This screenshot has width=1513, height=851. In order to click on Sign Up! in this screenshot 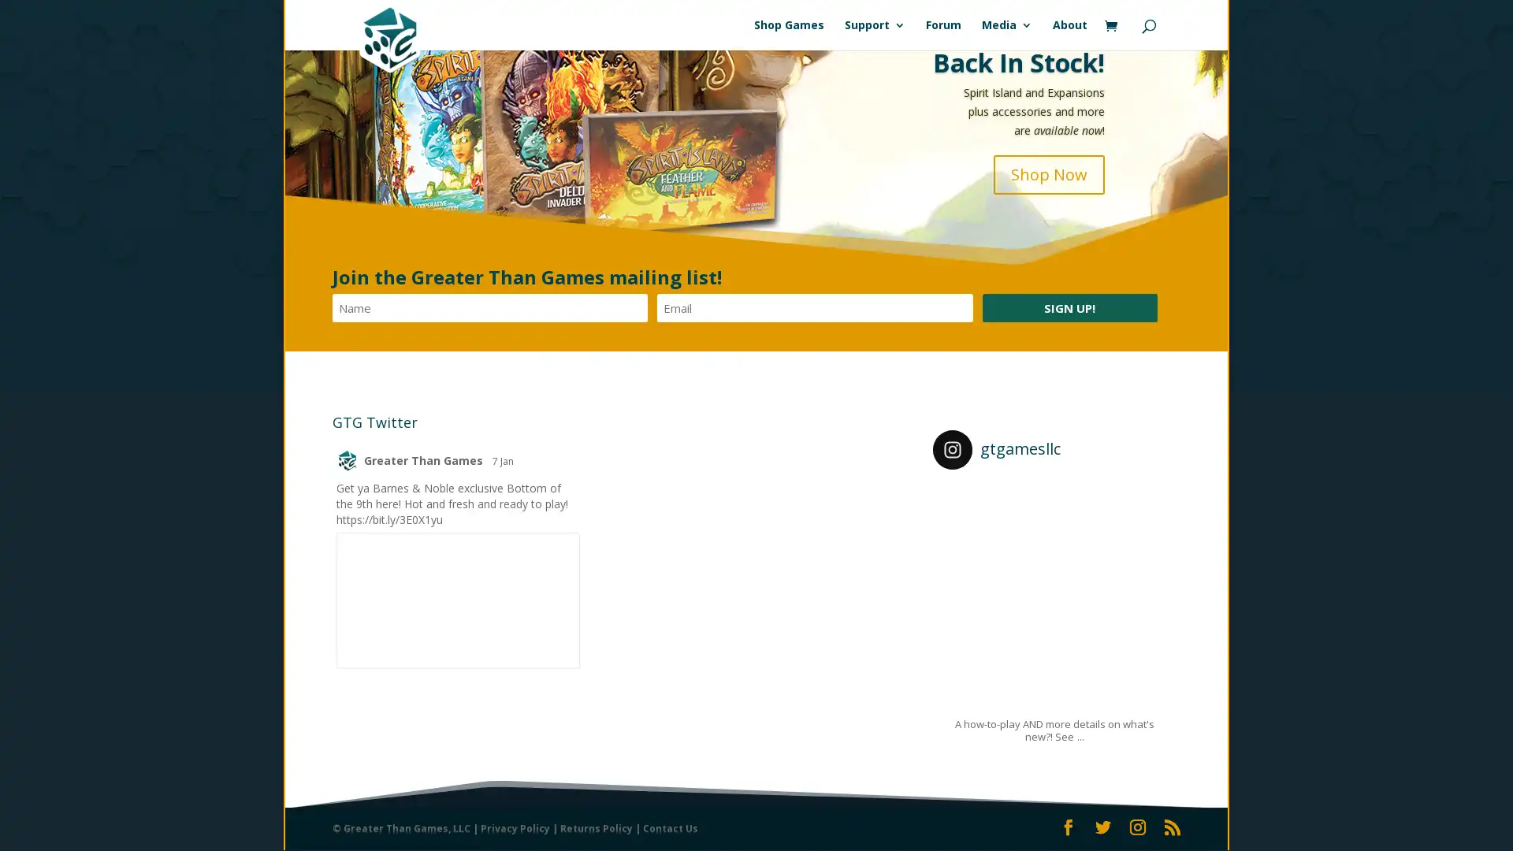, I will do `click(1069, 307)`.